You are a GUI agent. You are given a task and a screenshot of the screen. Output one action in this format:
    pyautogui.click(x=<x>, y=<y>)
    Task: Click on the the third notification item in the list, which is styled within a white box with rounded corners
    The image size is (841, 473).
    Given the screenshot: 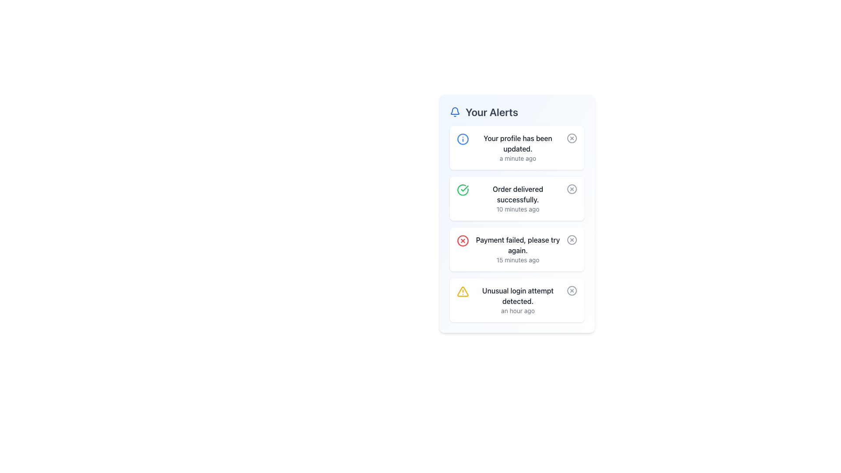 What is the action you would take?
    pyautogui.click(x=517, y=224)
    